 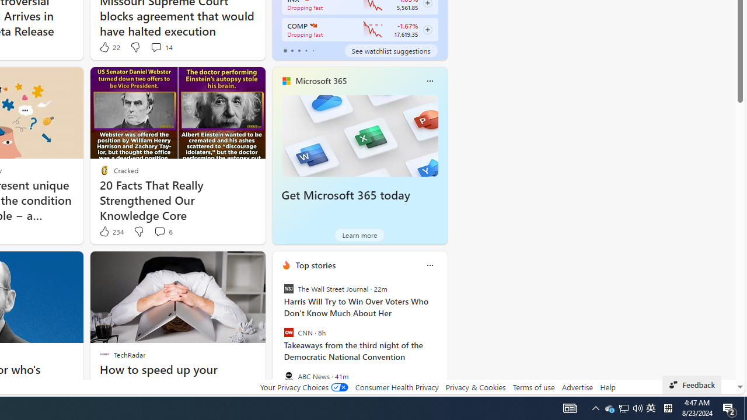 I want to click on 'The Wall Street Journal', so click(x=288, y=289).